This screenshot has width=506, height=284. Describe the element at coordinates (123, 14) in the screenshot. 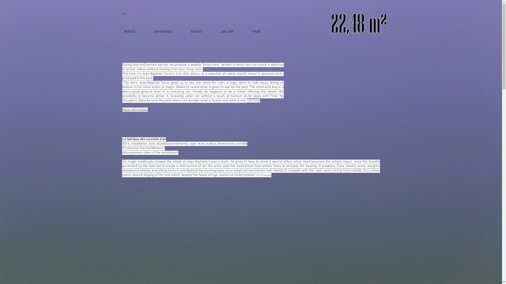

I see `'FR'` at that location.